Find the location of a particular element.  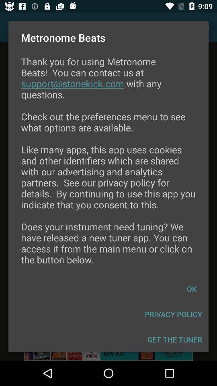

the icon above the get the tuner icon is located at coordinates (173, 314).